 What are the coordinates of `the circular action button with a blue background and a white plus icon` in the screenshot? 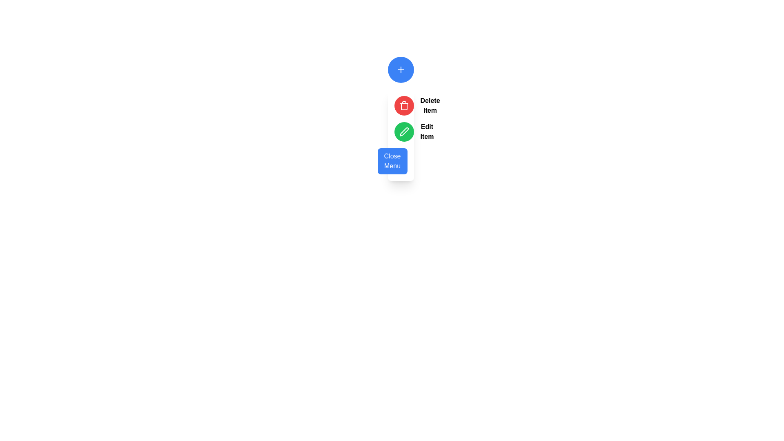 It's located at (401, 69).